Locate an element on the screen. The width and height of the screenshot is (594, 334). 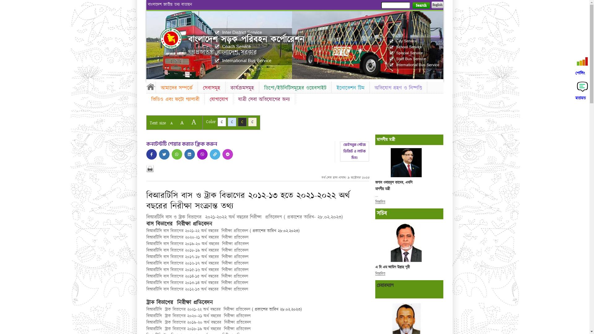
'A' is located at coordinates (171, 123).